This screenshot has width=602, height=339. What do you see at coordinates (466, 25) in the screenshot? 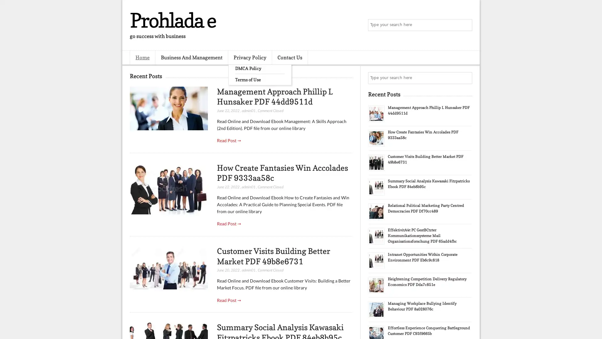
I see `Search` at bounding box center [466, 25].